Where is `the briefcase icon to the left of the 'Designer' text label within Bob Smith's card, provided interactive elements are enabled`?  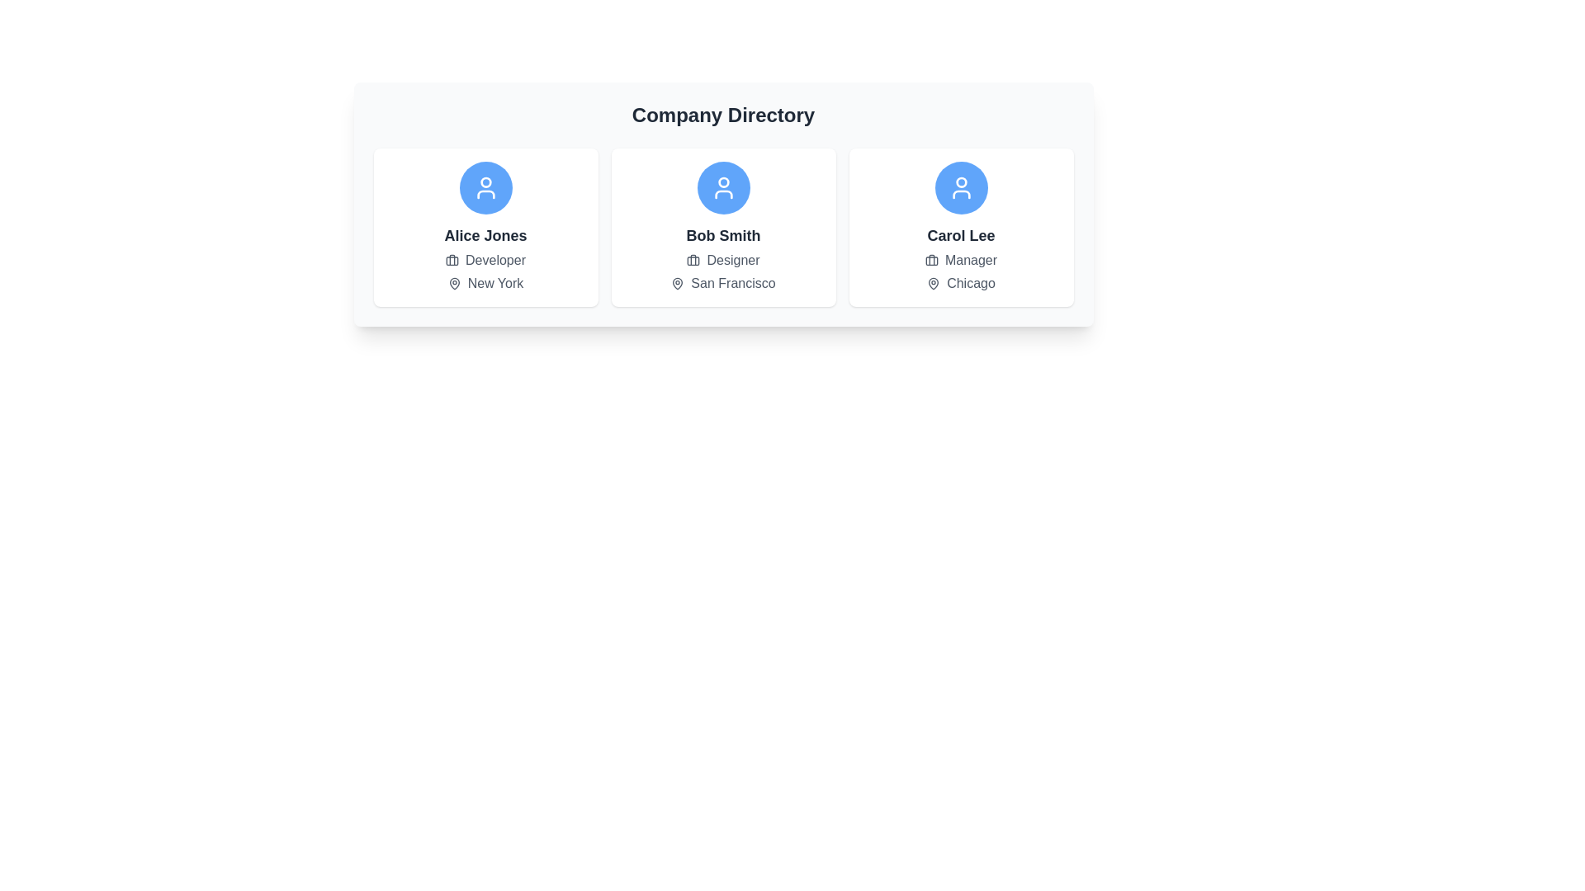 the briefcase icon to the left of the 'Designer' text label within Bob Smith's card, provided interactive elements are enabled is located at coordinates (723, 260).